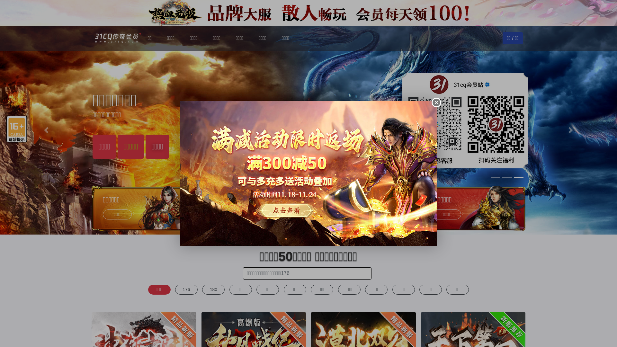 The height and width of the screenshot is (347, 617). I want to click on 'Previous', so click(46, 130).